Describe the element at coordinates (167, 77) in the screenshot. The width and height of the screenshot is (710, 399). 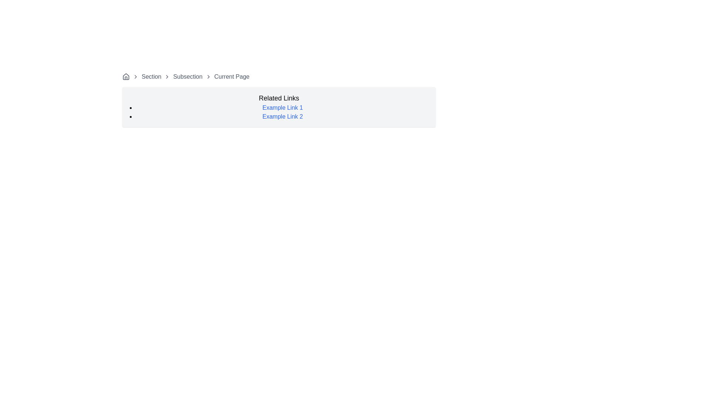
I see `the right-facing chevron icon located in the breadcrumb navigation bar, positioned between the 'Section' and 'Subsection' texts` at that location.